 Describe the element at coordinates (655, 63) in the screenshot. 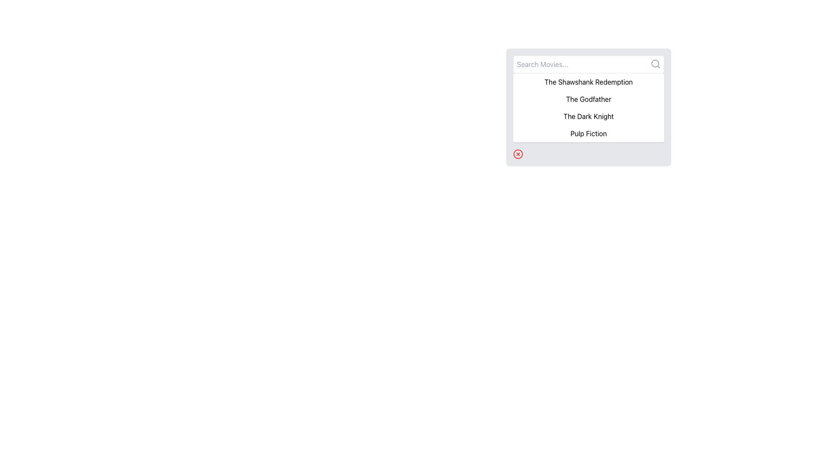

I see `the circular component of the magnifier glass icon used for search functionality located in the top-right corner of the search interface` at that location.